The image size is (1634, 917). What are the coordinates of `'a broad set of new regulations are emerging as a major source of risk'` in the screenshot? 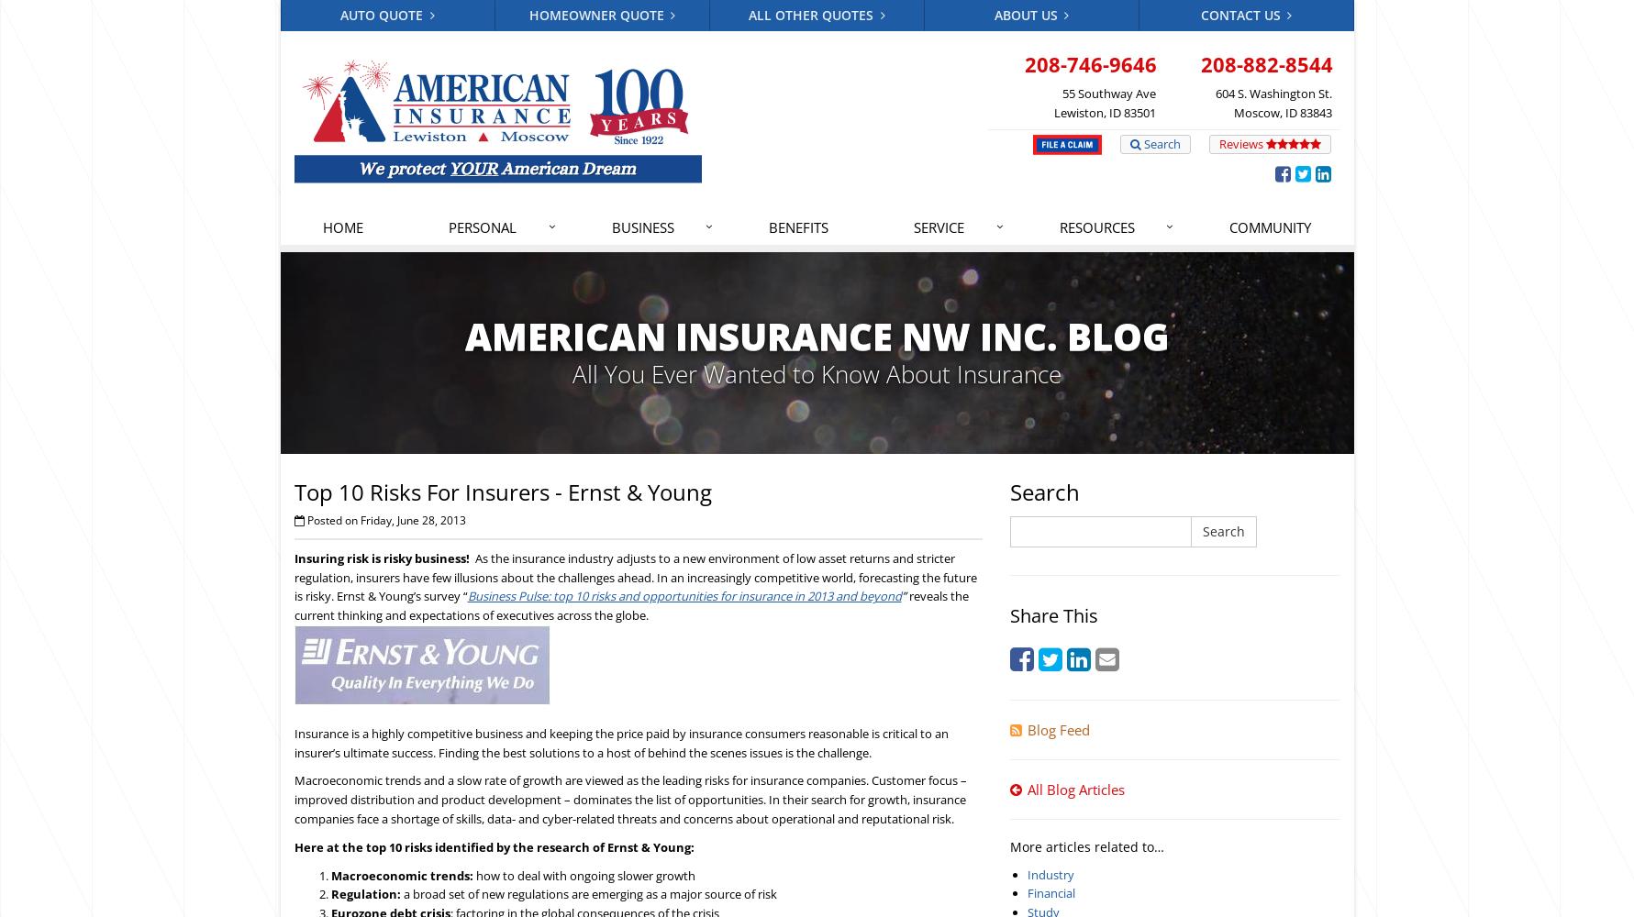 It's located at (588, 893).